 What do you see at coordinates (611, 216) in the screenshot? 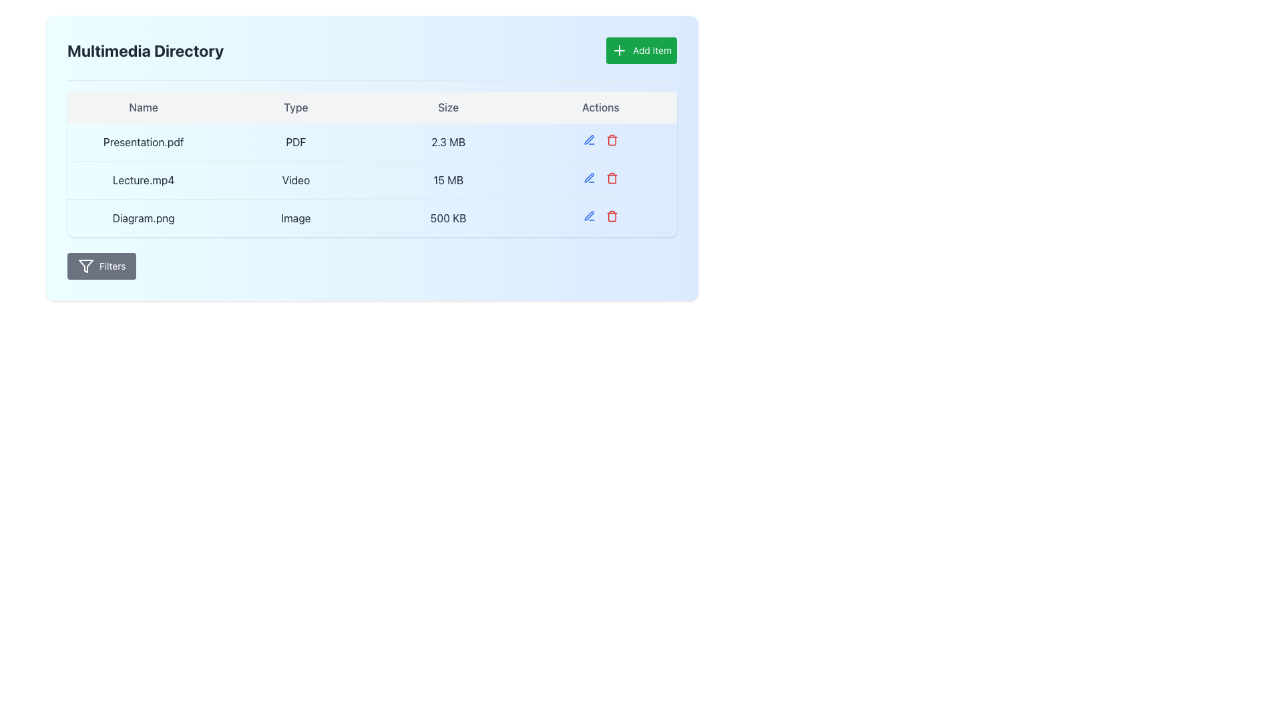
I see `the delete icon button located to the right of the 'Actions' column in the third row of the multimedia table to initiate file deletion` at bounding box center [611, 216].